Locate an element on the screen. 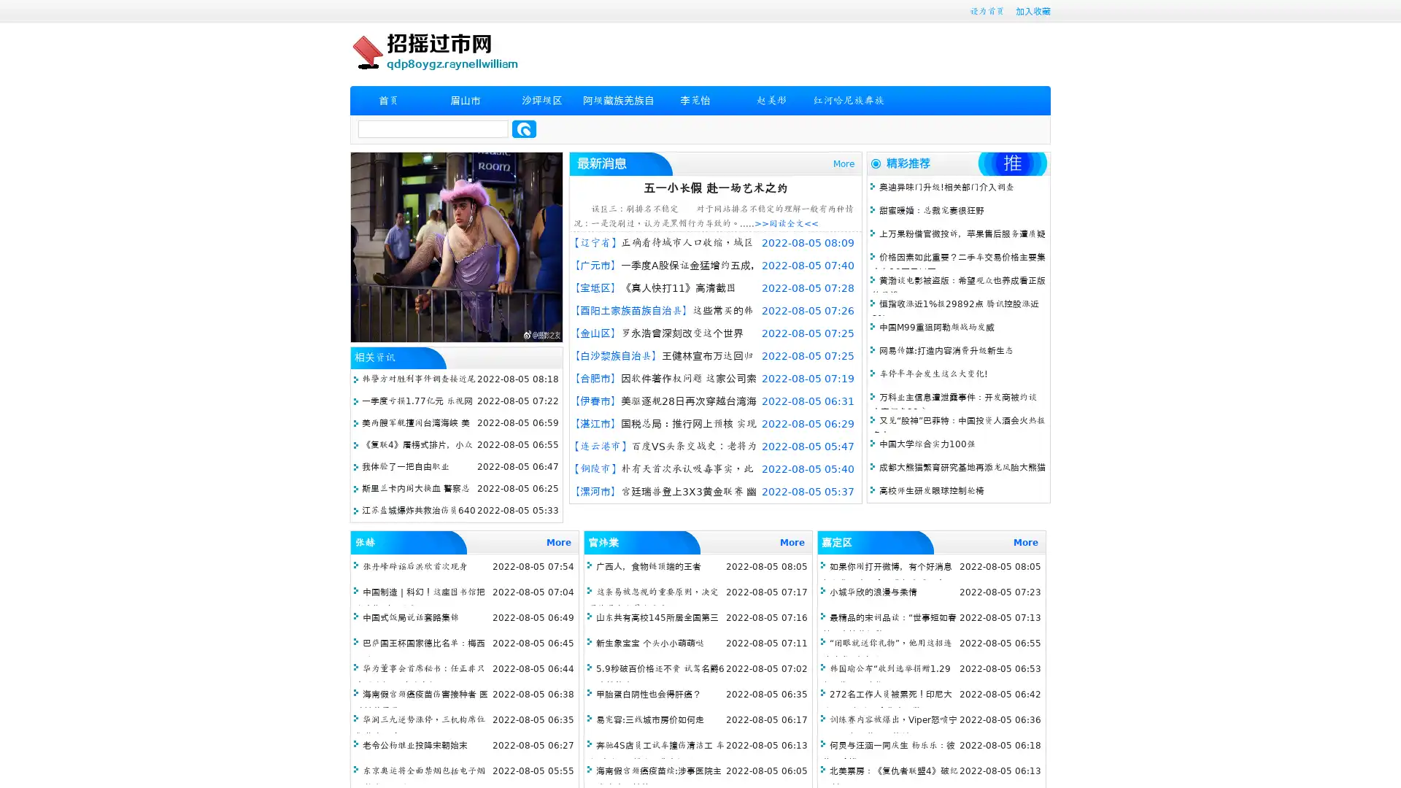 The width and height of the screenshot is (1401, 788). Search is located at coordinates (524, 128).